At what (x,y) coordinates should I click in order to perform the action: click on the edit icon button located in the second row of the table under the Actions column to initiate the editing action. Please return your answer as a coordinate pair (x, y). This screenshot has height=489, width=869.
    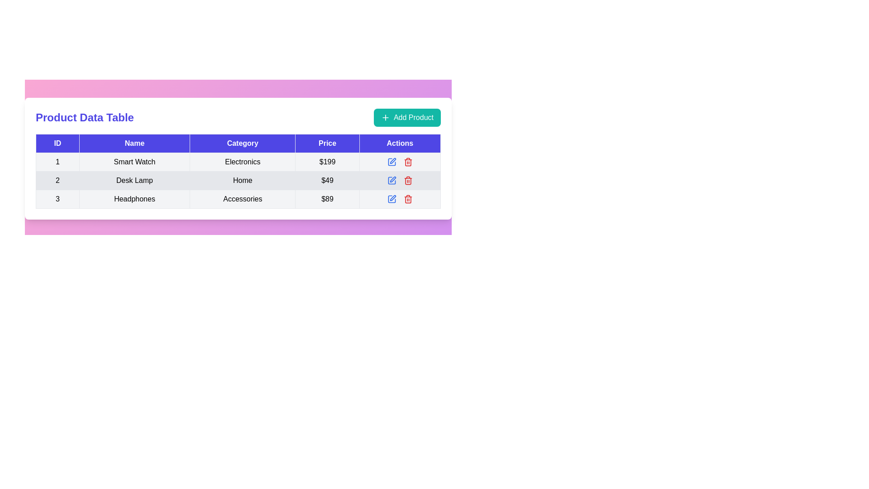
    Looking at the image, I should click on (392, 180).